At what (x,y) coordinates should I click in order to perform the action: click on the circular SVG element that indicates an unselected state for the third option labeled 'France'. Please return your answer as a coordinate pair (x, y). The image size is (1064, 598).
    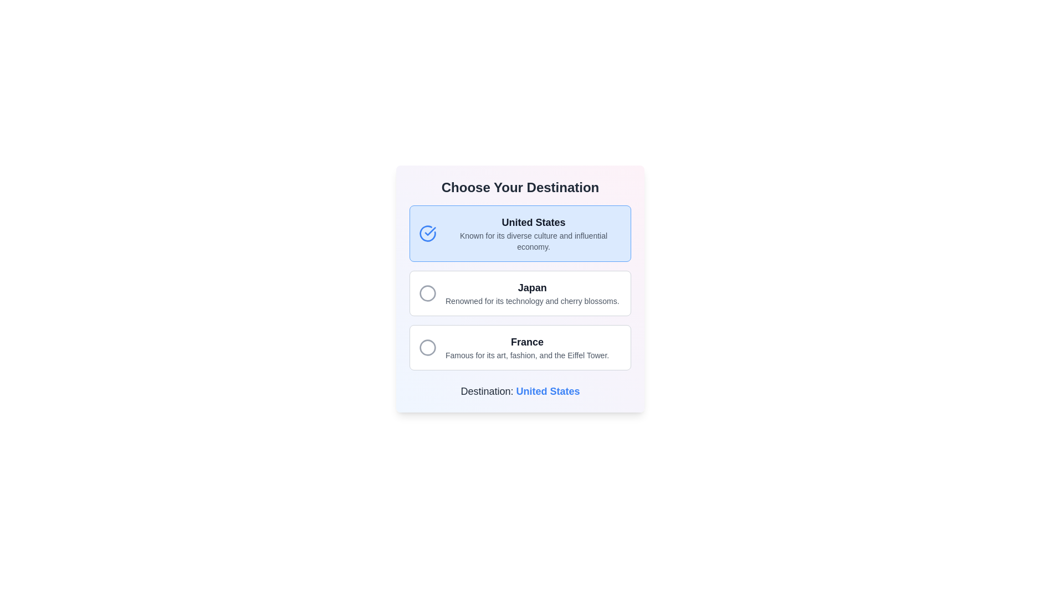
    Looking at the image, I should click on (427, 347).